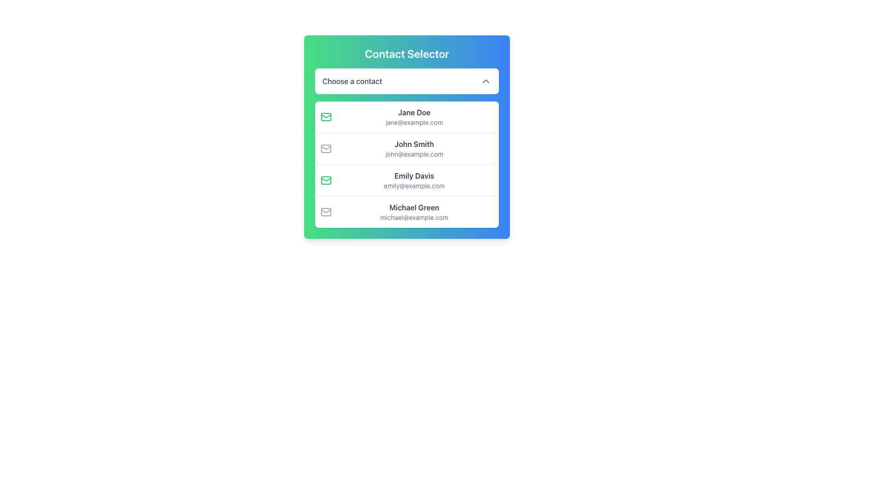  What do you see at coordinates (326, 148) in the screenshot?
I see `the mail envelope icon, which is a stroke-only design in light gray, located to the left of 'John Smith' and 'john@example.com' in the contact list` at bounding box center [326, 148].